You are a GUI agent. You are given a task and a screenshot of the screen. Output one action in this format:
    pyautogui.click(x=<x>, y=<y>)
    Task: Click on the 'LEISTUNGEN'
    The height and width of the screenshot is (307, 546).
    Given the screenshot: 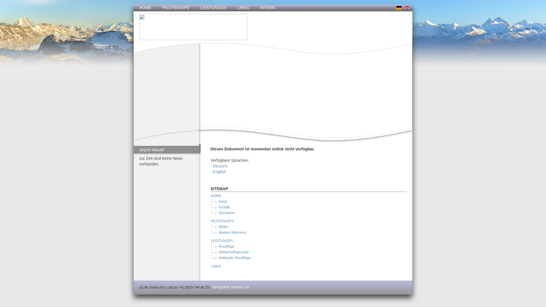 What is the action you would take?
    pyautogui.click(x=195, y=8)
    